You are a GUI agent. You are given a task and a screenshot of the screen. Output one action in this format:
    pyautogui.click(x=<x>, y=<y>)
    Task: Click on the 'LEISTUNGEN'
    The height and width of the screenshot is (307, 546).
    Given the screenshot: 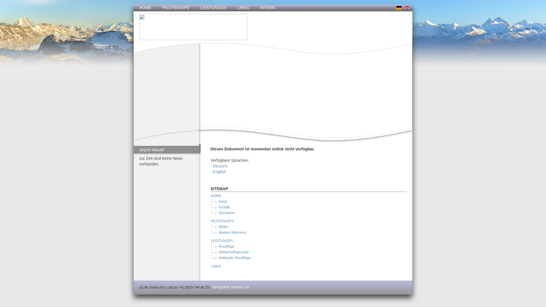 What is the action you would take?
    pyautogui.click(x=195, y=8)
    